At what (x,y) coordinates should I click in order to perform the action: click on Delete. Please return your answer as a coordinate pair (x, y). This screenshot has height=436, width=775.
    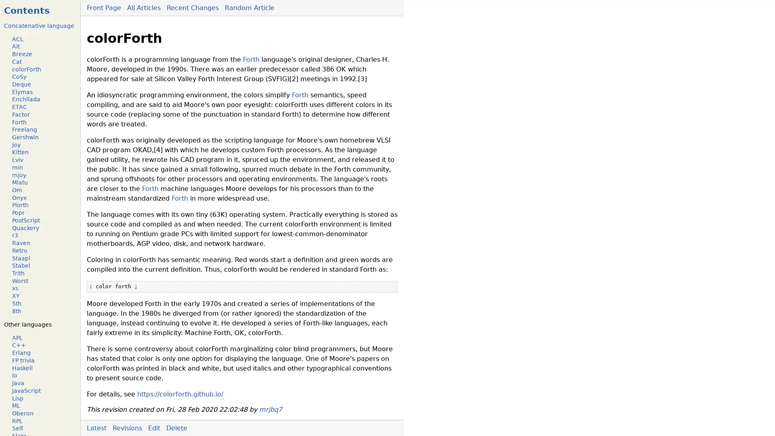
    Looking at the image, I should click on (176, 427).